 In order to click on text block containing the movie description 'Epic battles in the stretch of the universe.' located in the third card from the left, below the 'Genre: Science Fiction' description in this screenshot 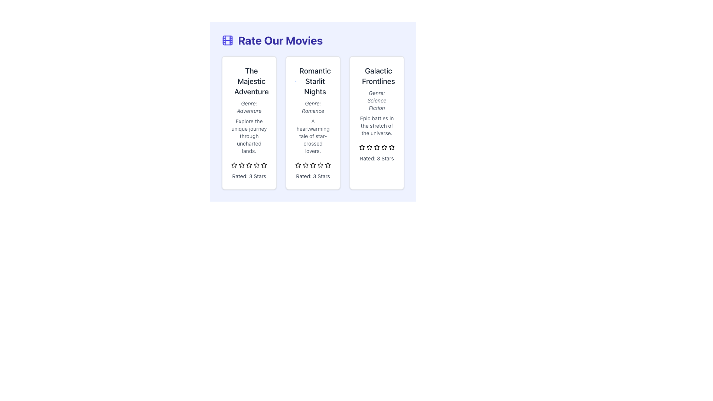, I will do `click(377, 125)`.